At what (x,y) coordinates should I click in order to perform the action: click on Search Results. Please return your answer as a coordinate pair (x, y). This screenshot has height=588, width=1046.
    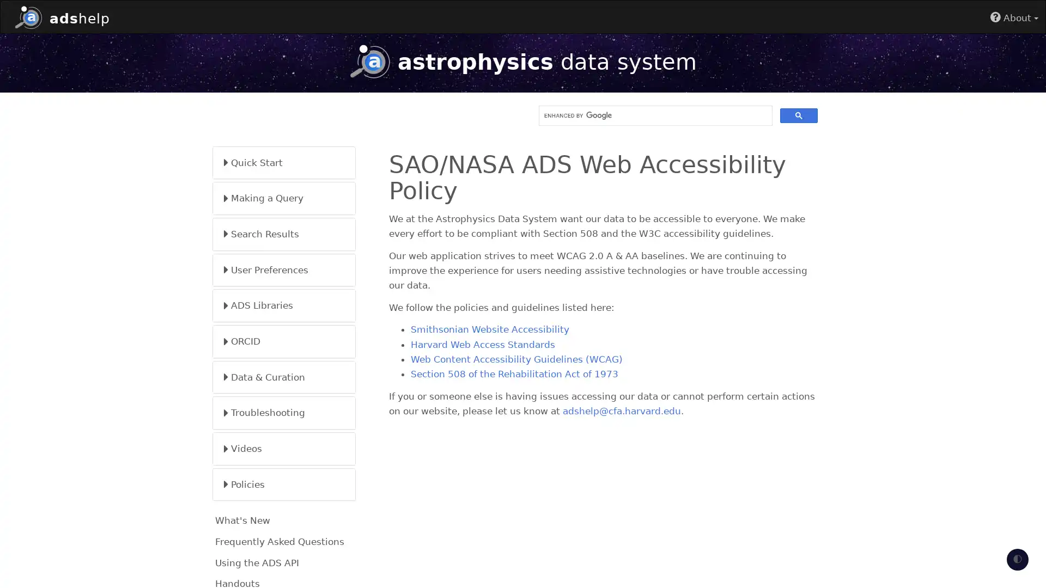
    Looking at the image, I should click on (284, 233).